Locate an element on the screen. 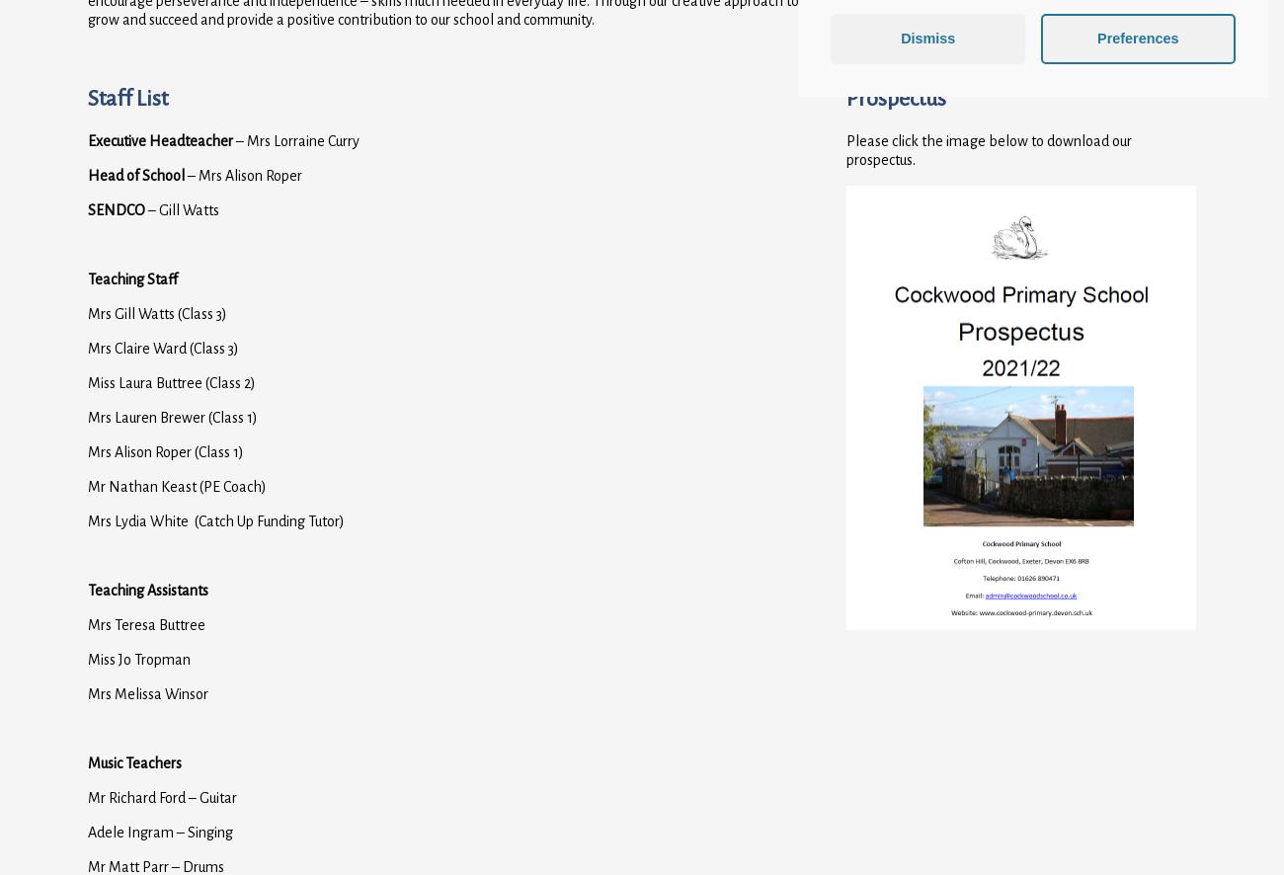 The image size is (1284, 875). 'Teaching Assistants' is located at coordinates (147, 589).